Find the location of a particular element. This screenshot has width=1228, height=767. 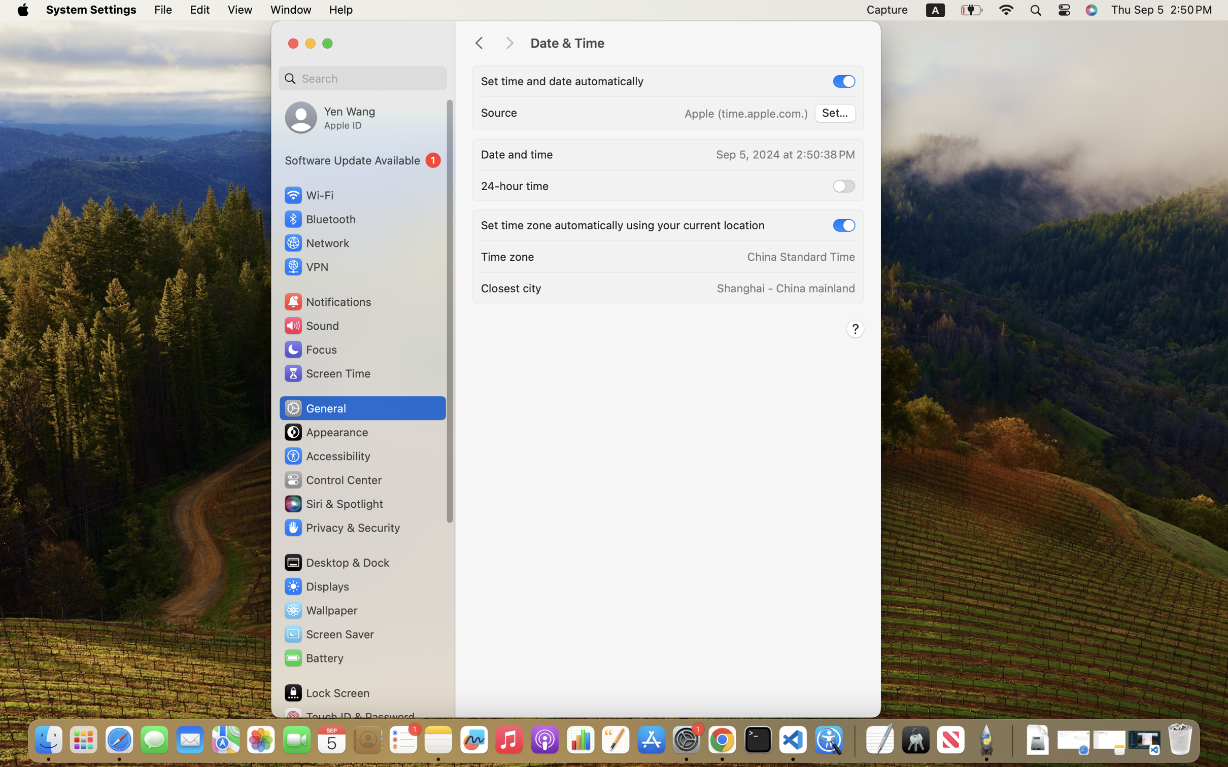

'Set time zone automatically using your current location' is located at coordinates (623, 225).